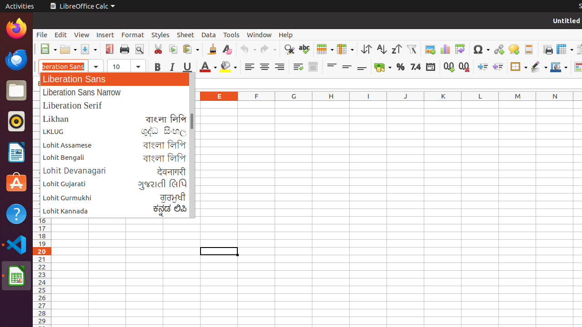 This screenshot has height=327, width=582. What do you see at coordinates (313, 66) in the screenshot?
I see `'Merge and Center Cells'` at bounding box center [313, 66].